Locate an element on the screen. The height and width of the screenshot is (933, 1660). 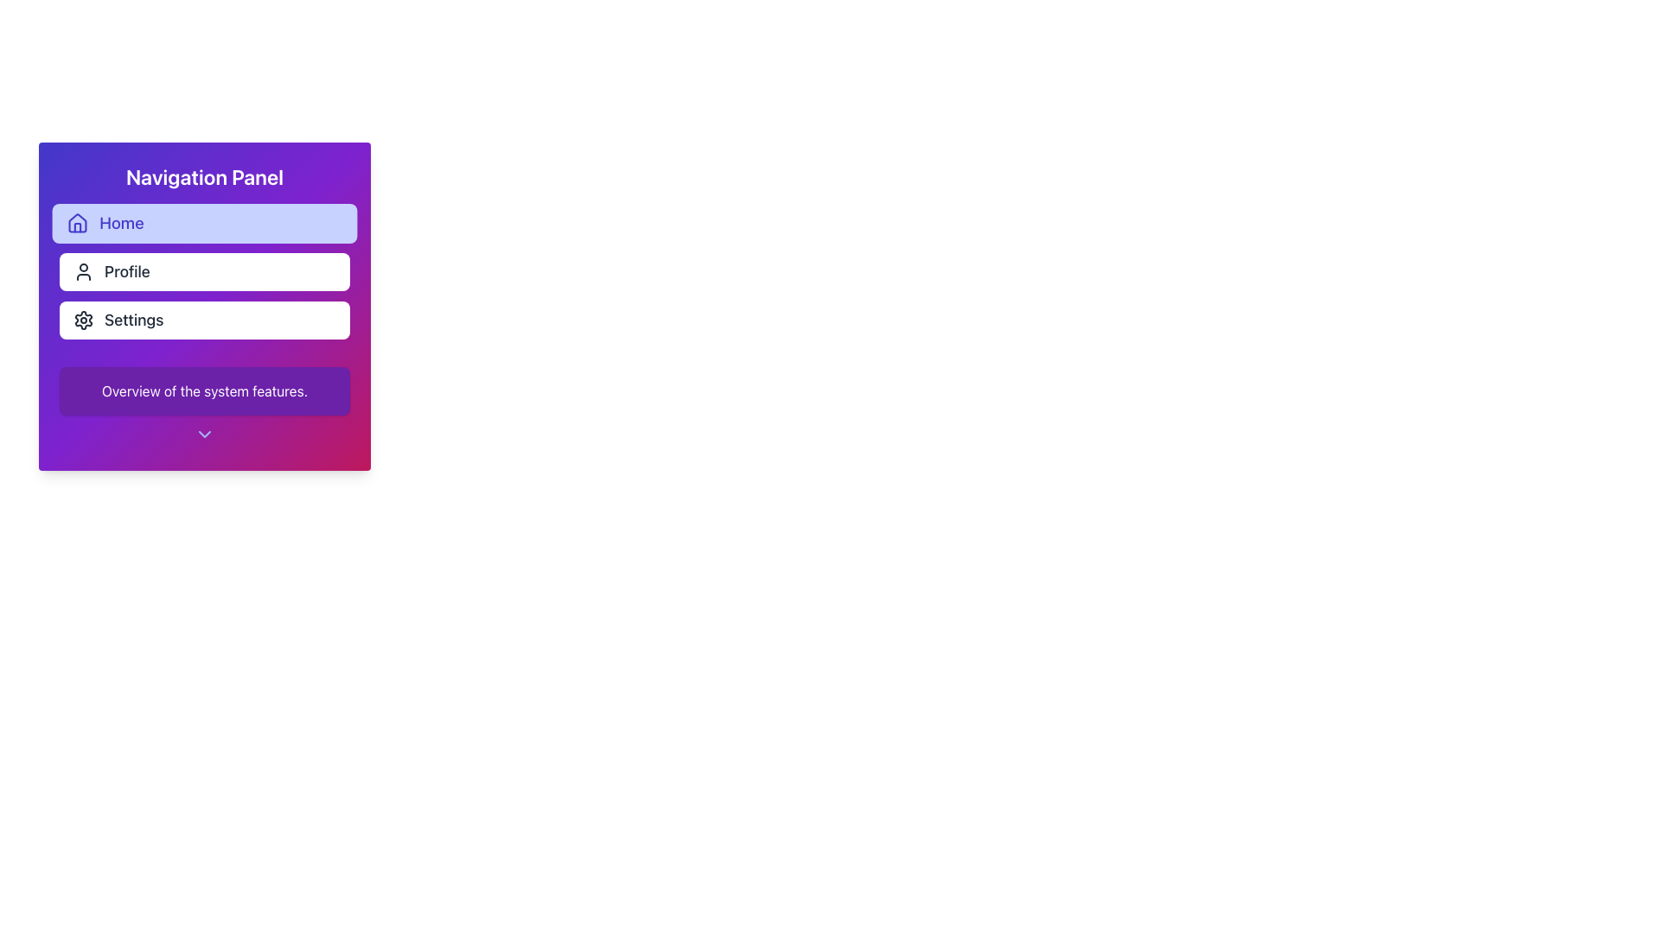
the first button in the vertical stack of three buttons in the navigation panel is located at coordinates (204, 222).